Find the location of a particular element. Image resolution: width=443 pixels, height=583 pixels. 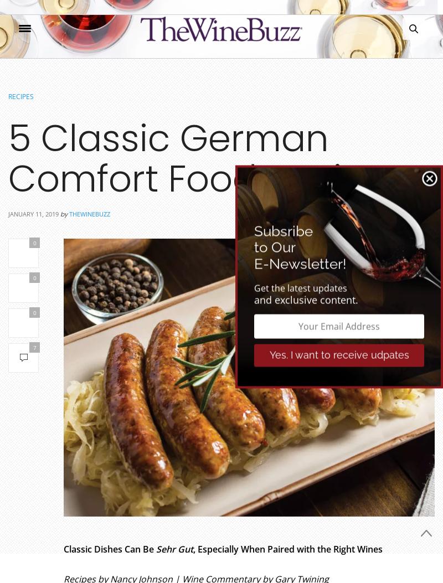

'Sehr Gut' is located at coordinates (174, 549).